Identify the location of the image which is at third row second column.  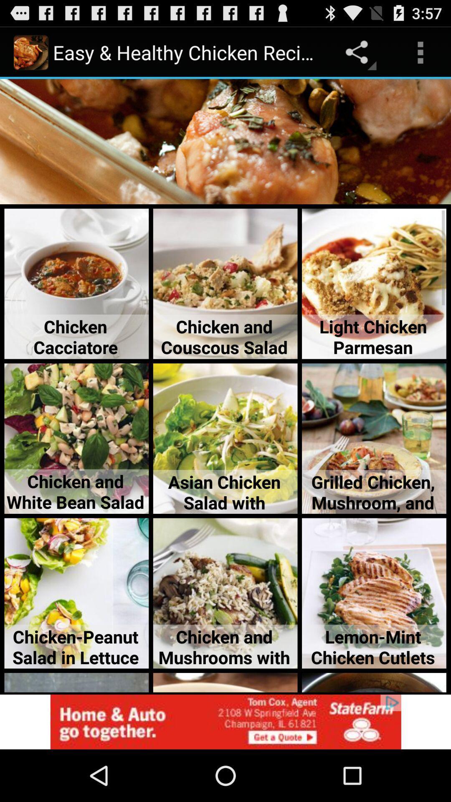
(225, 438).